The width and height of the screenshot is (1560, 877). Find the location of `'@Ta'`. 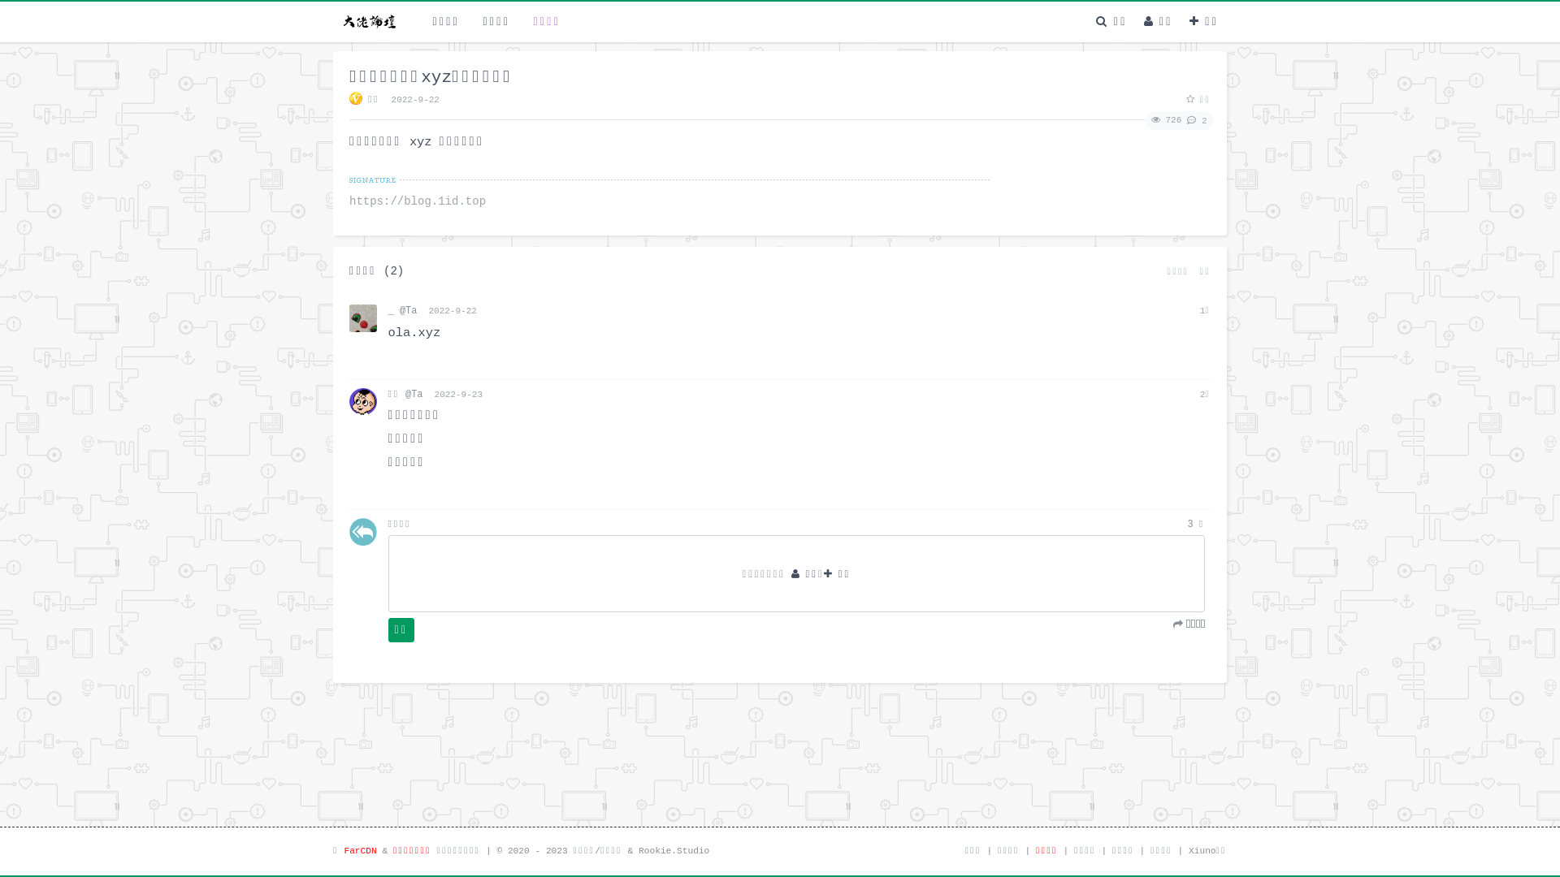

'@Ta' is located at coordinates (399, 310).